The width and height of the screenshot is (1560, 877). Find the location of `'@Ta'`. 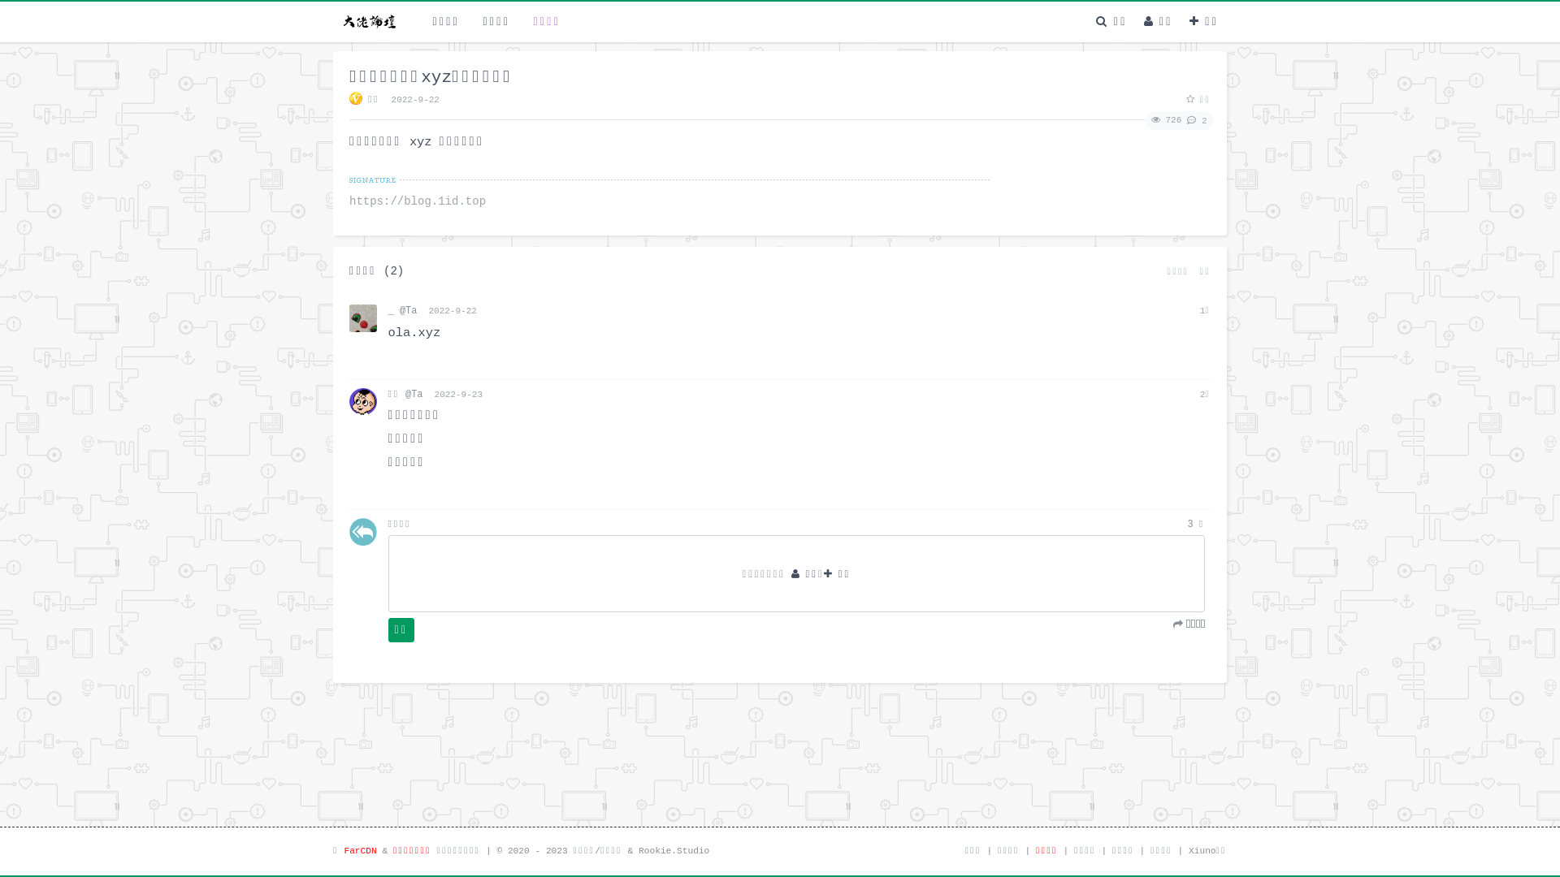

'@Ta' is located at coordinates (399, 310).